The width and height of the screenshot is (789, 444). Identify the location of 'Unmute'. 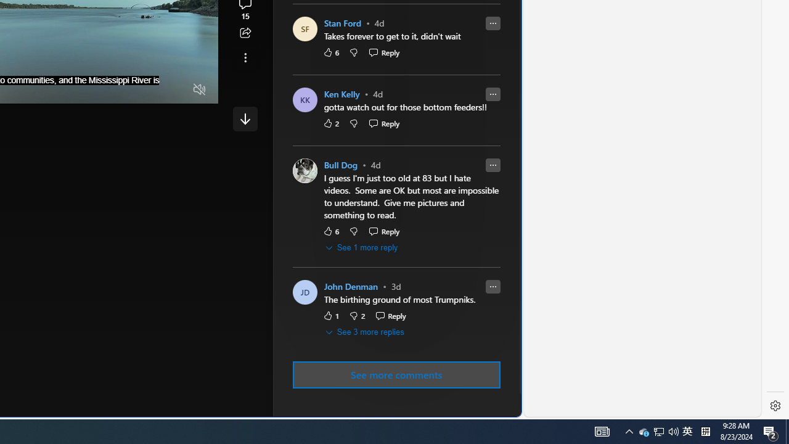
(200, 89).